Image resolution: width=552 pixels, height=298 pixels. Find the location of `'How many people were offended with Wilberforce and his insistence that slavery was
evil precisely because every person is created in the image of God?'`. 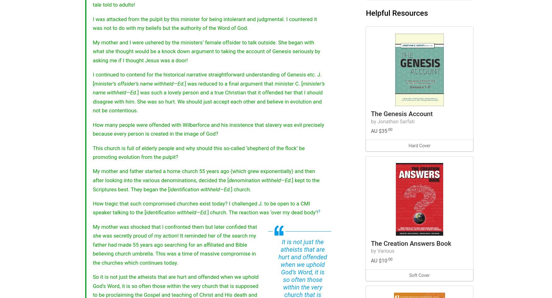

'How many people were offended with Wilberforce and his insistence that slavery was
evil precisely because every person is created in the image of God?' is located at coordinates (92, 129).